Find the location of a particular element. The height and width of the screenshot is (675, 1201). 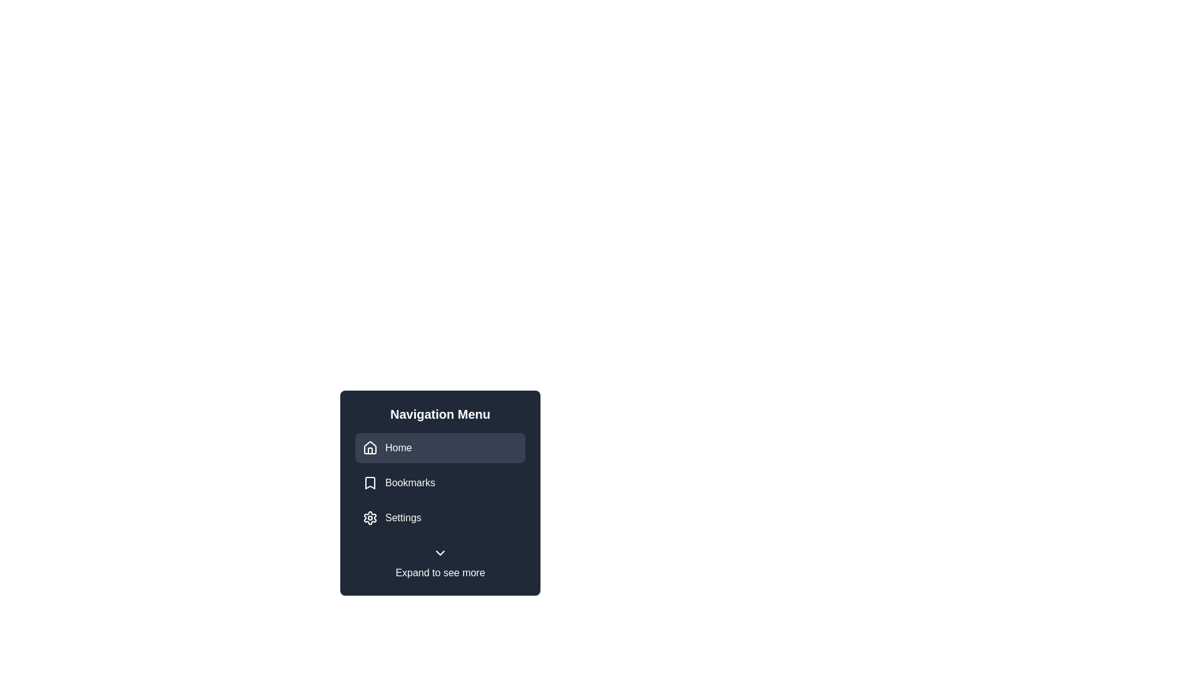

the 'Bookmarks' icon located in the navigation menu, which is the second entry in a vertical list and positioned immediately adjacent to the text 'Bookmarks' is located at coordinates (369, 482).